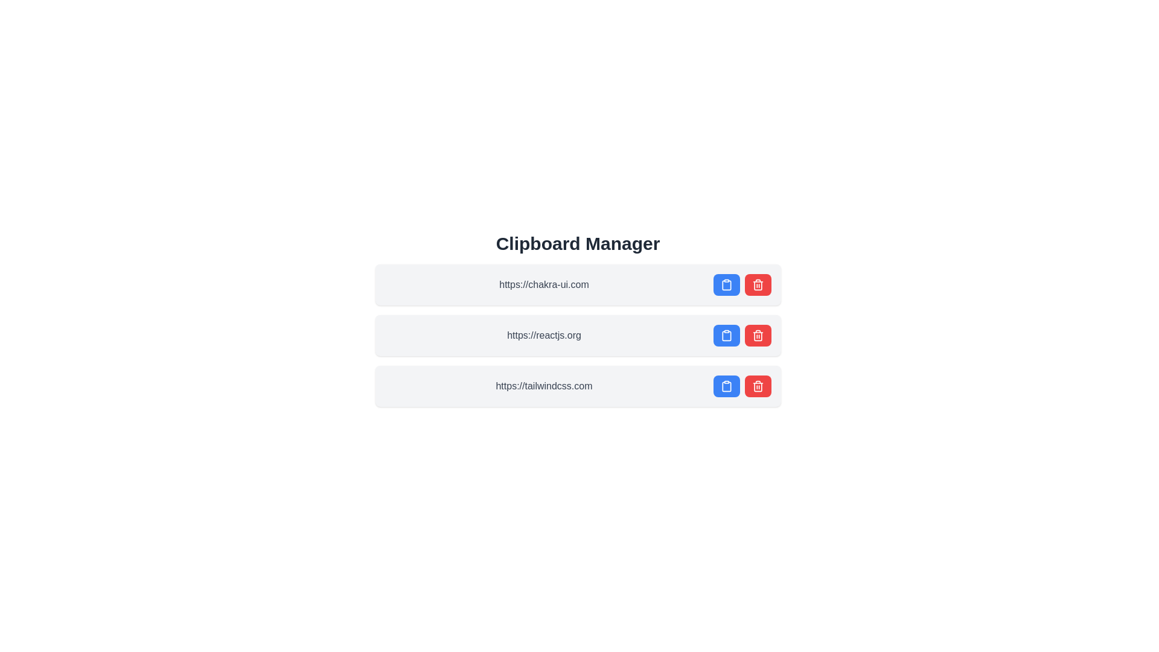 The width and height of the screenshot is (1159, 652). What do you see at coordinates (726, 386) in the screenshot?
I see `the clipboard icon located in the third row` at bounding box center [726, 386].